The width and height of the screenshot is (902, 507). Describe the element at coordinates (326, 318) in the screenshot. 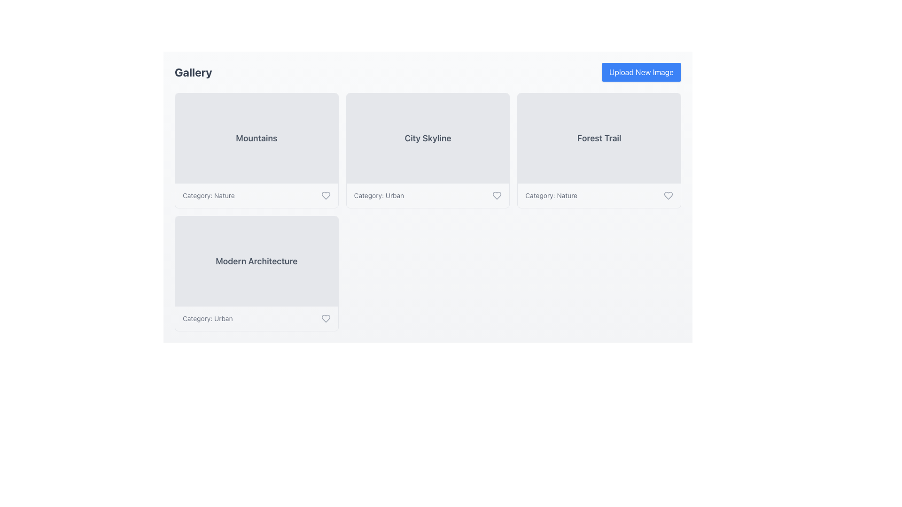

I see `the heart icon outline located in the bottom-right corner of the 'Modern Architecture' card, which represents a favorite or like functionality` at that location.